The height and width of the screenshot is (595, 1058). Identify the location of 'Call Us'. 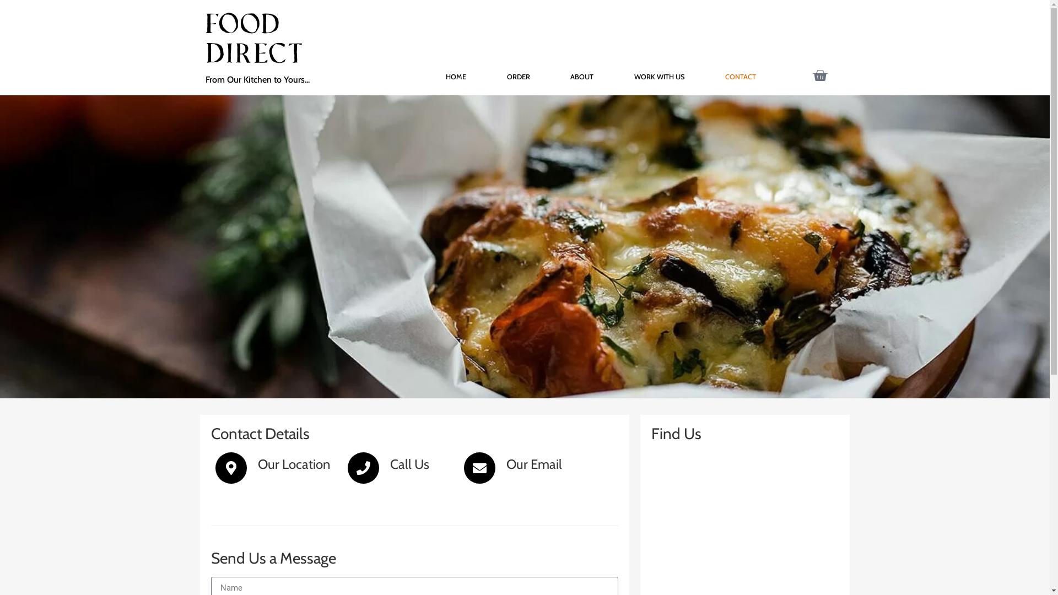
(409, 464).